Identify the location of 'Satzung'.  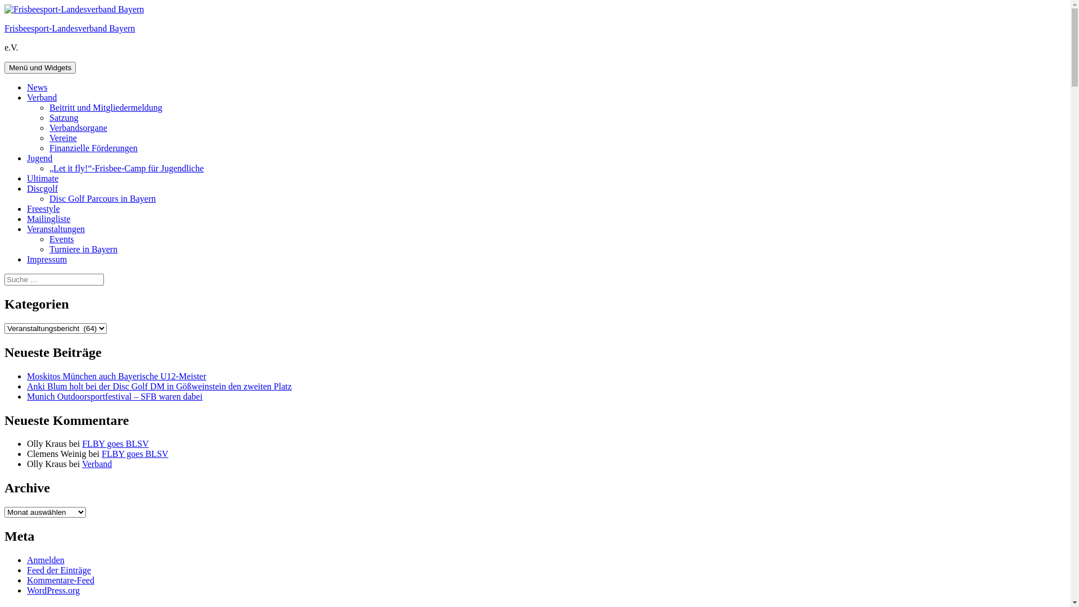
(64, 117).